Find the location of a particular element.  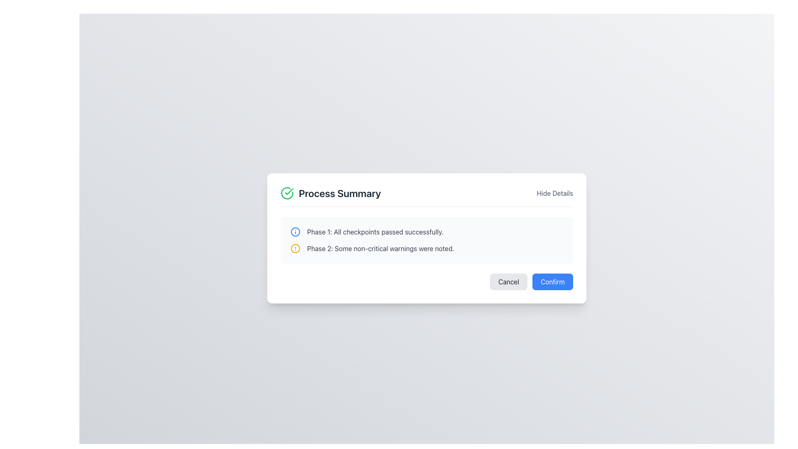

the Informational Message indicating a non-critical warning related to Phase 2, which is located centrally within the summary dialog box as the second item in a vertical sequence is located at coordinates (427, 248).